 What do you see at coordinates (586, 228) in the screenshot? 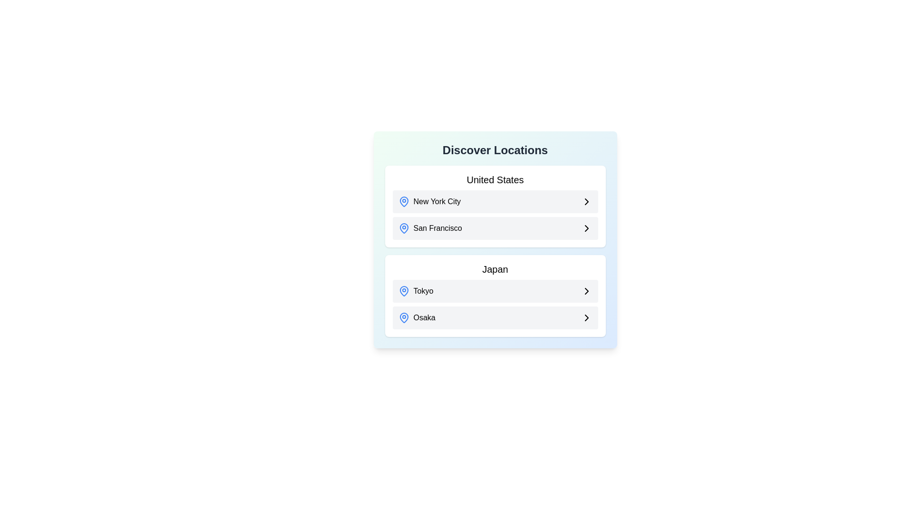
I see `the arrow icon located at the far-right side of the 'San Francisco' button within the 'United States' section of the 'Discover Locations' interface` at bounding box center [586, 228].